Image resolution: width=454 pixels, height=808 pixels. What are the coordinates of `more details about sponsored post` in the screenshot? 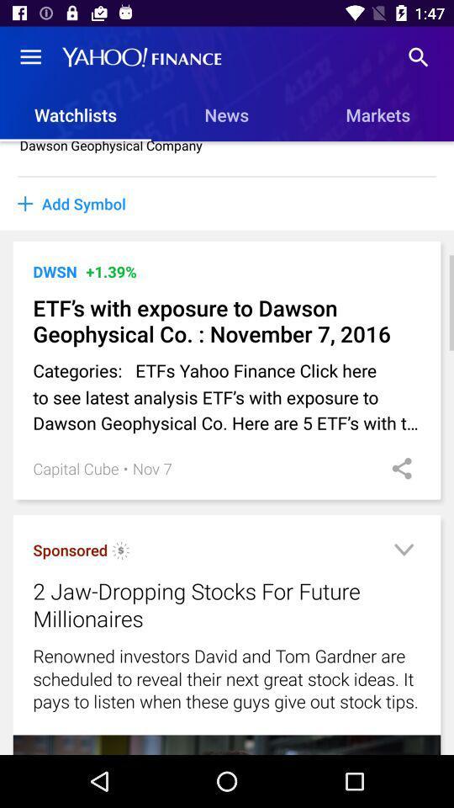 It's located at (403, 551).